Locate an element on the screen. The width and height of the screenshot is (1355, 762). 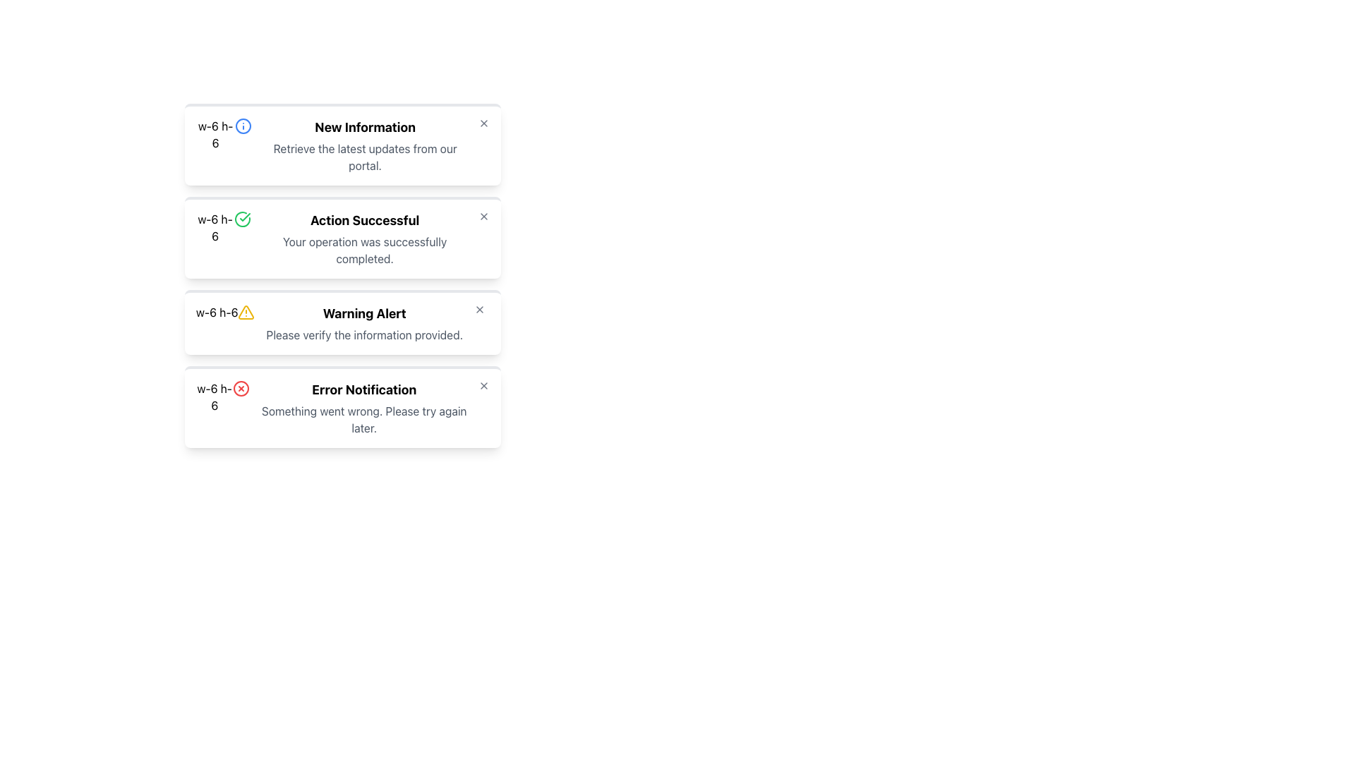
the informational notification card located at the top left of the notification list is located at coordinates (342, 144).